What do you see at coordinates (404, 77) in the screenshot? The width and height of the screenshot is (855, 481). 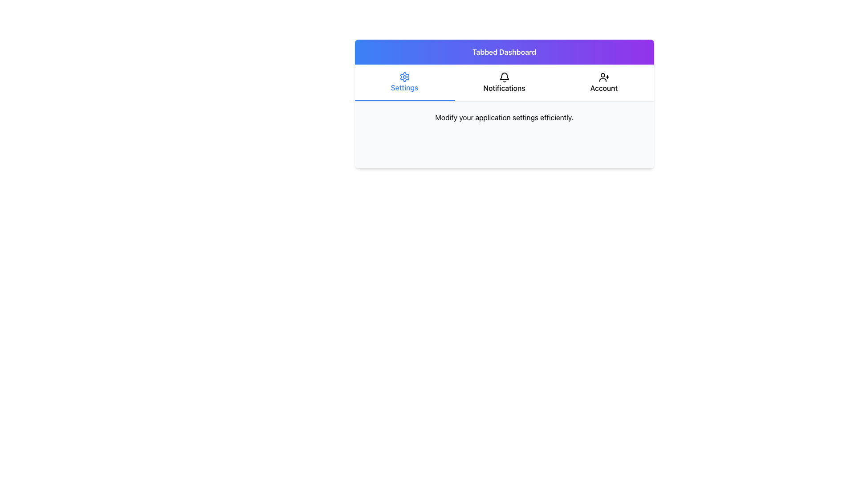 I see `the first icon on the left in the navigation bar` at bounding box center [404, 77].